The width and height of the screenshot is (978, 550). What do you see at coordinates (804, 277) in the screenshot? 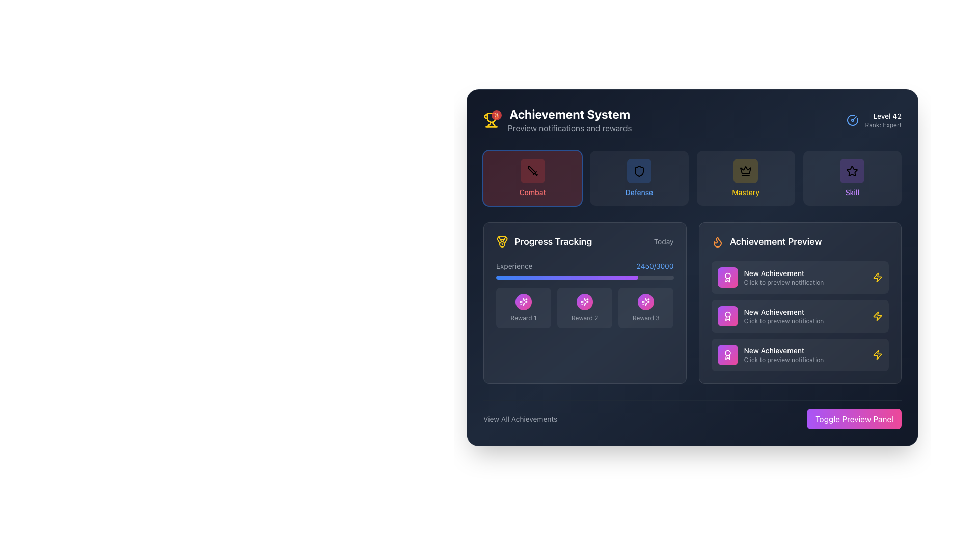
I see `the 'New Achievement' text label that displays 'Click` at bounding box center [804, 277].